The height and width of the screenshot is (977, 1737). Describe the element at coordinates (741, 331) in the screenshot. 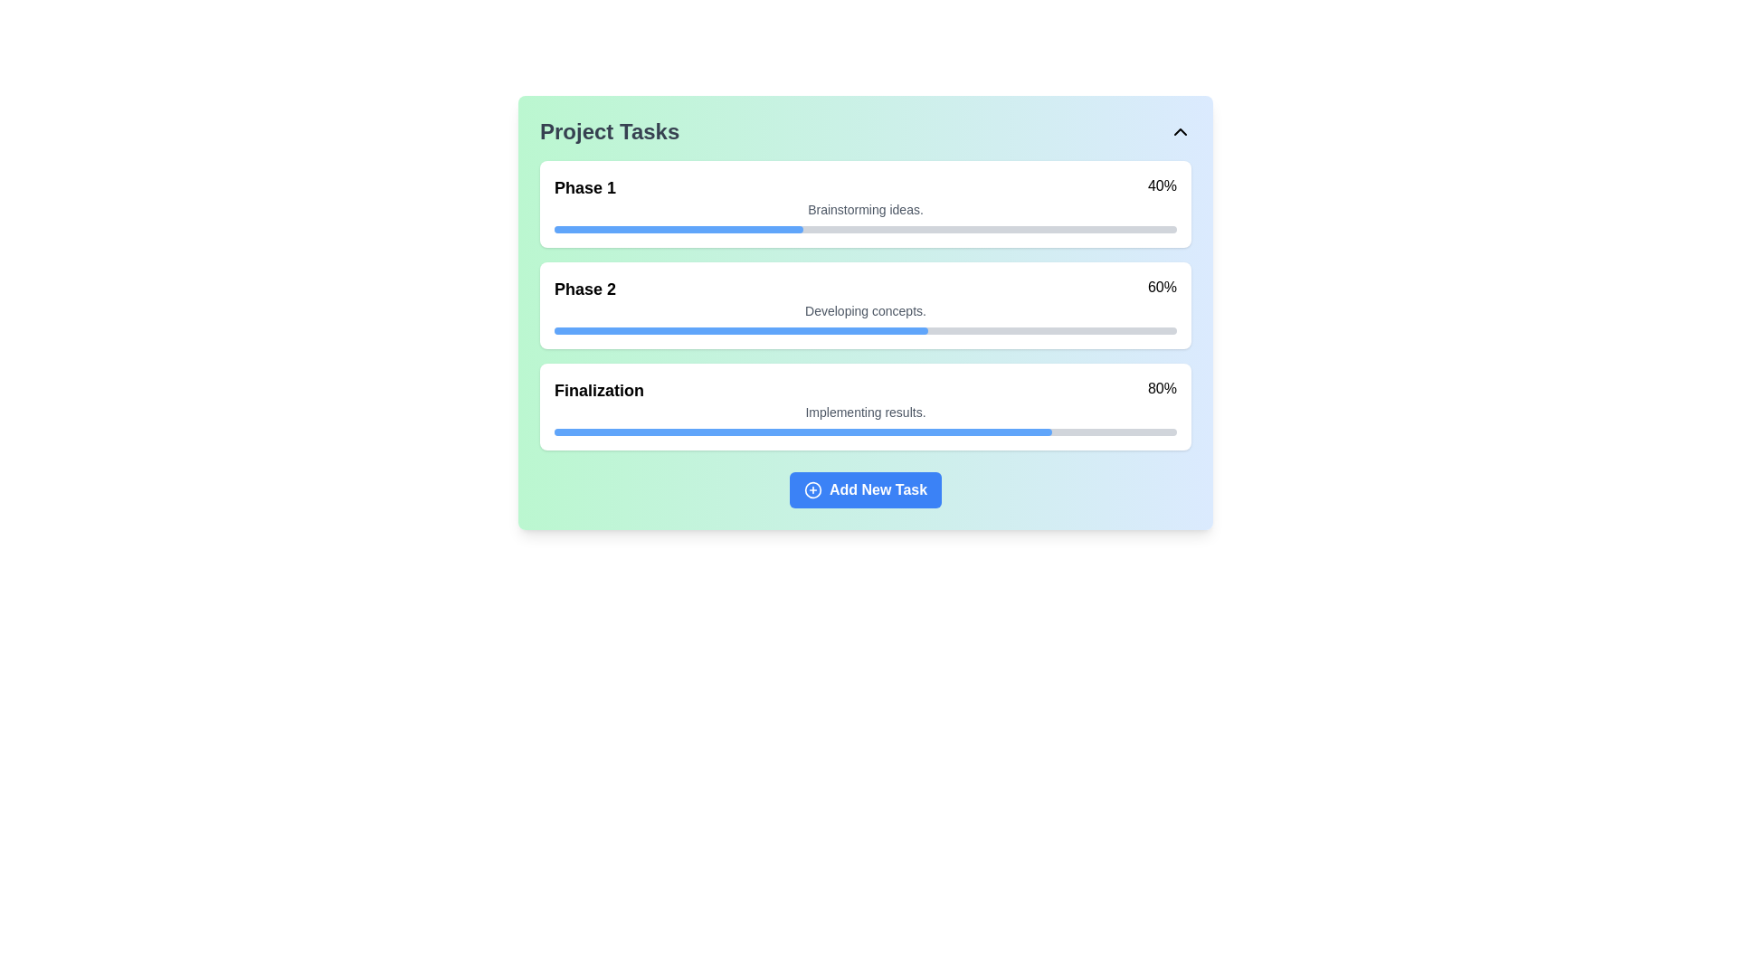

I see `the Partial Progress Bar indicating 60% completion under the 'Phase 2' section` at that location.